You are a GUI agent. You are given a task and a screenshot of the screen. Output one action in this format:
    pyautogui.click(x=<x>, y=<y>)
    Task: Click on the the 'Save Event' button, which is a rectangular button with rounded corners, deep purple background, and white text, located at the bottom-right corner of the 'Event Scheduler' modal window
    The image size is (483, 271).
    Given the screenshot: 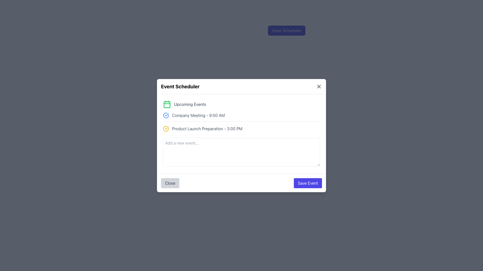 What is the action you would take?
    pyautogui.click(x=308, y=183)
    